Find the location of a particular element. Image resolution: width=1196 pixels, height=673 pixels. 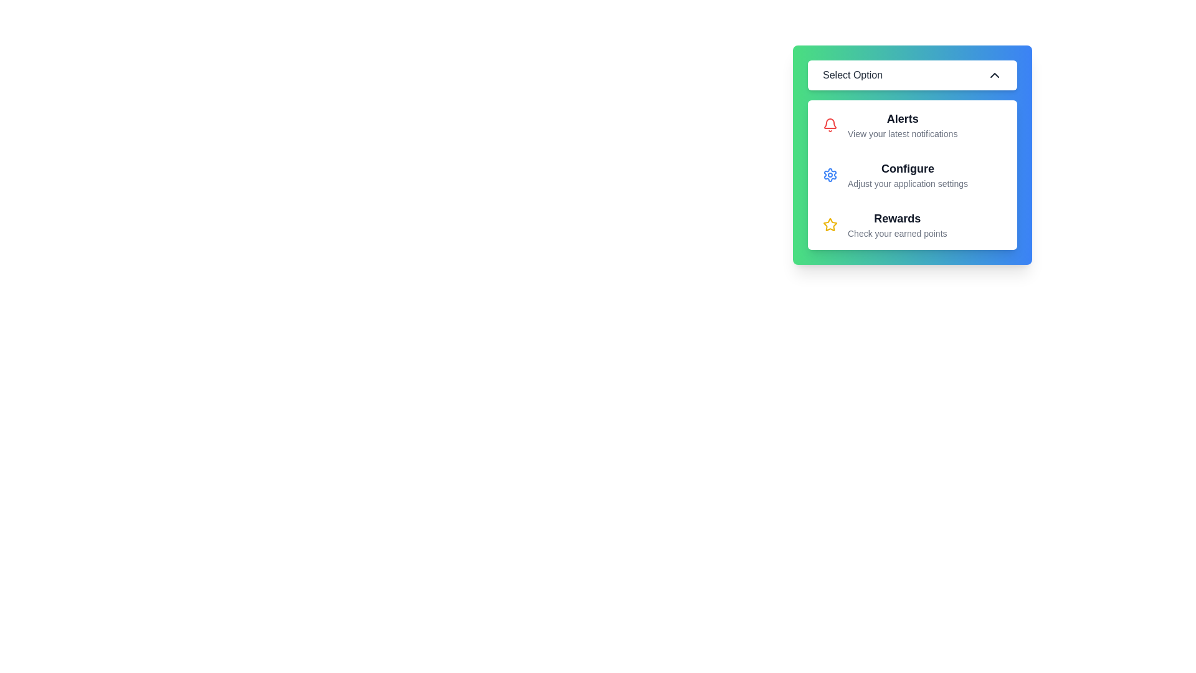

the static text label that says 'Adjust your application settings', which is styled in small gray font and located below the bold text 'Configure' in the dropdown menu is located at coordinates (908, 183).